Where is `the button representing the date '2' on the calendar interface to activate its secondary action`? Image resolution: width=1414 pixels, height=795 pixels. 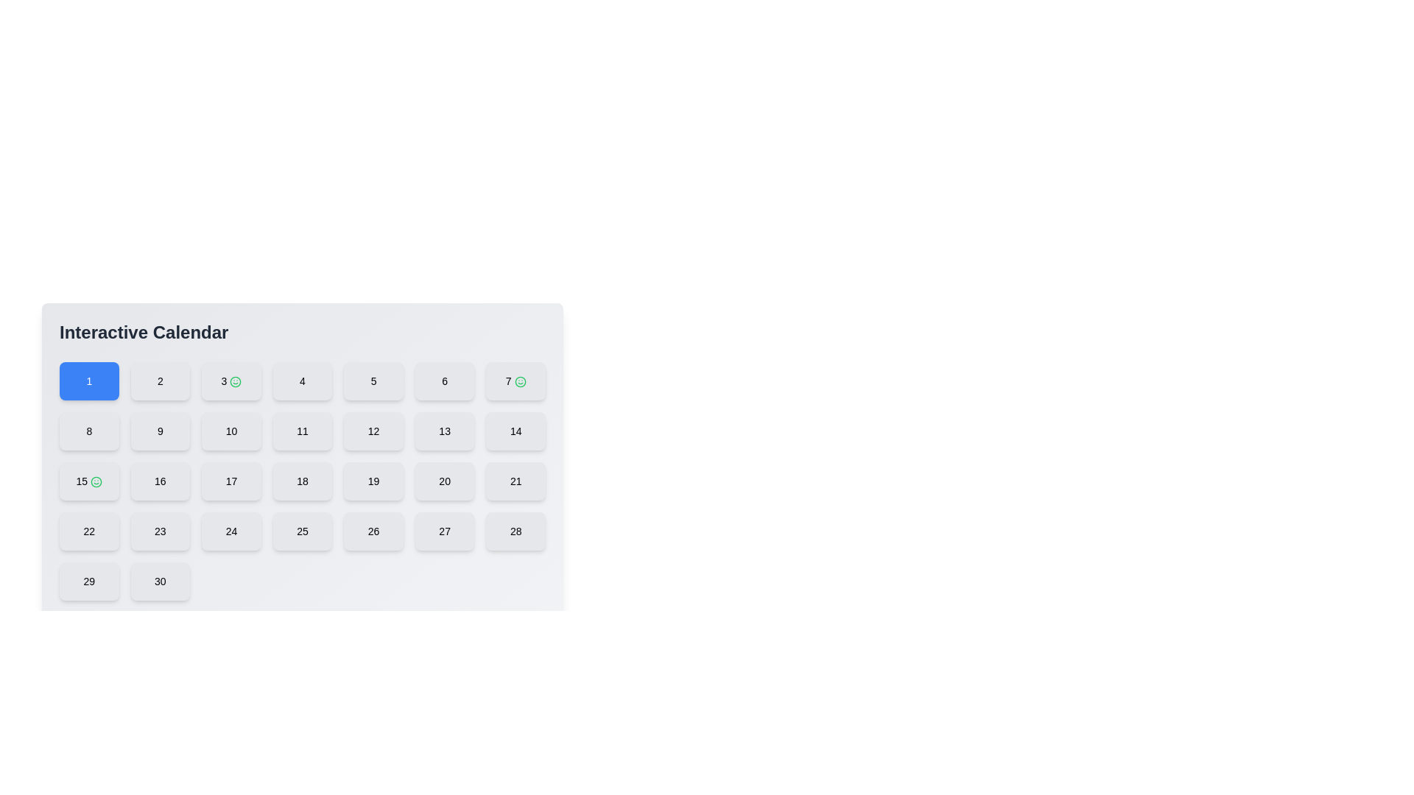 the button representing the date '2' on the calendar interface to activate its secondary action is located at coordinates (160, 380).